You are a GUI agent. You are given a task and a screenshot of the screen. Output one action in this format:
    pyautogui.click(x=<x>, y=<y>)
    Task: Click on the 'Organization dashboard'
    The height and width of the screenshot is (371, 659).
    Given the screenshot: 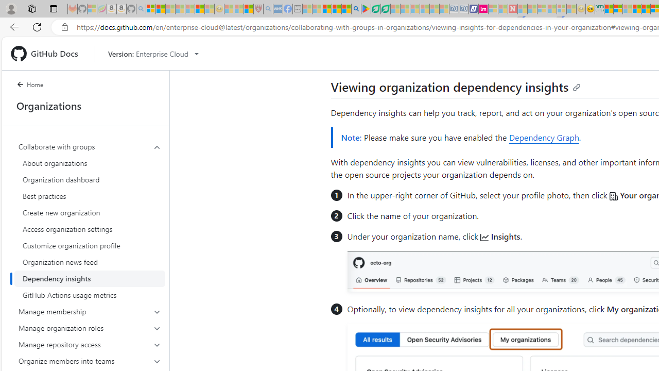 What is the action you would take?
    pyautogui.click(x=90, y=179)
    